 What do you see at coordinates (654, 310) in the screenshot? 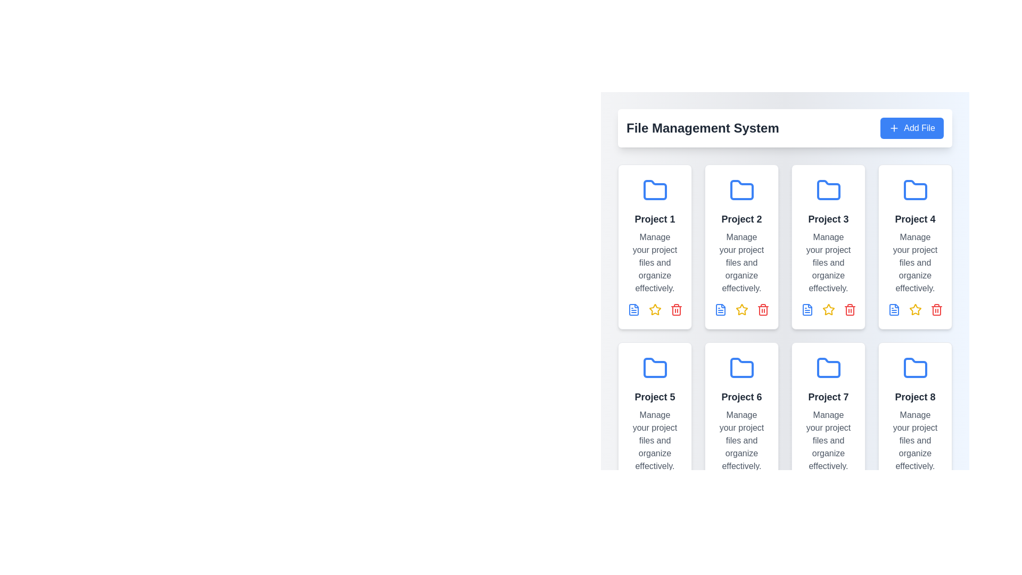
I see `the favorite button (star icon) located in the middle of the interactive icons row under 'Project 1' to mark 'Project 1' as a favorite` at bounding box center [654, 310].